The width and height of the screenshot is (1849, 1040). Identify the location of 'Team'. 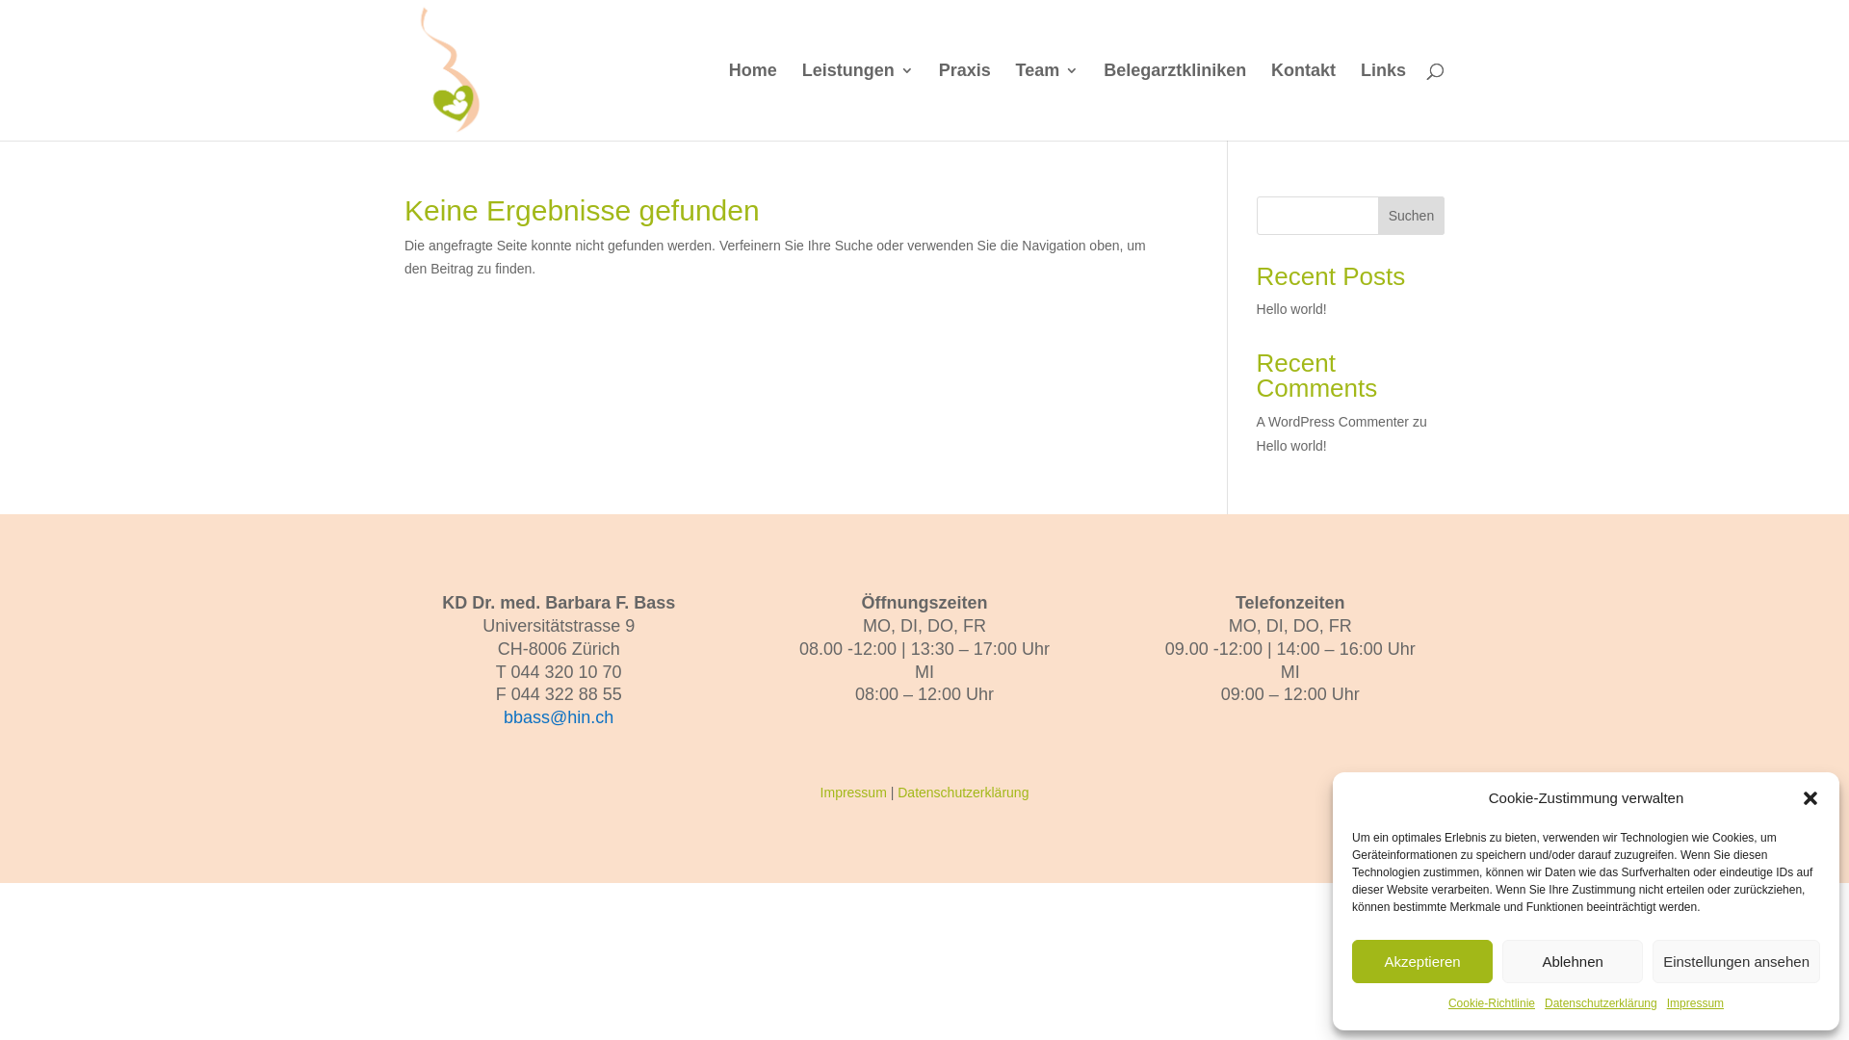
(1015, 101).